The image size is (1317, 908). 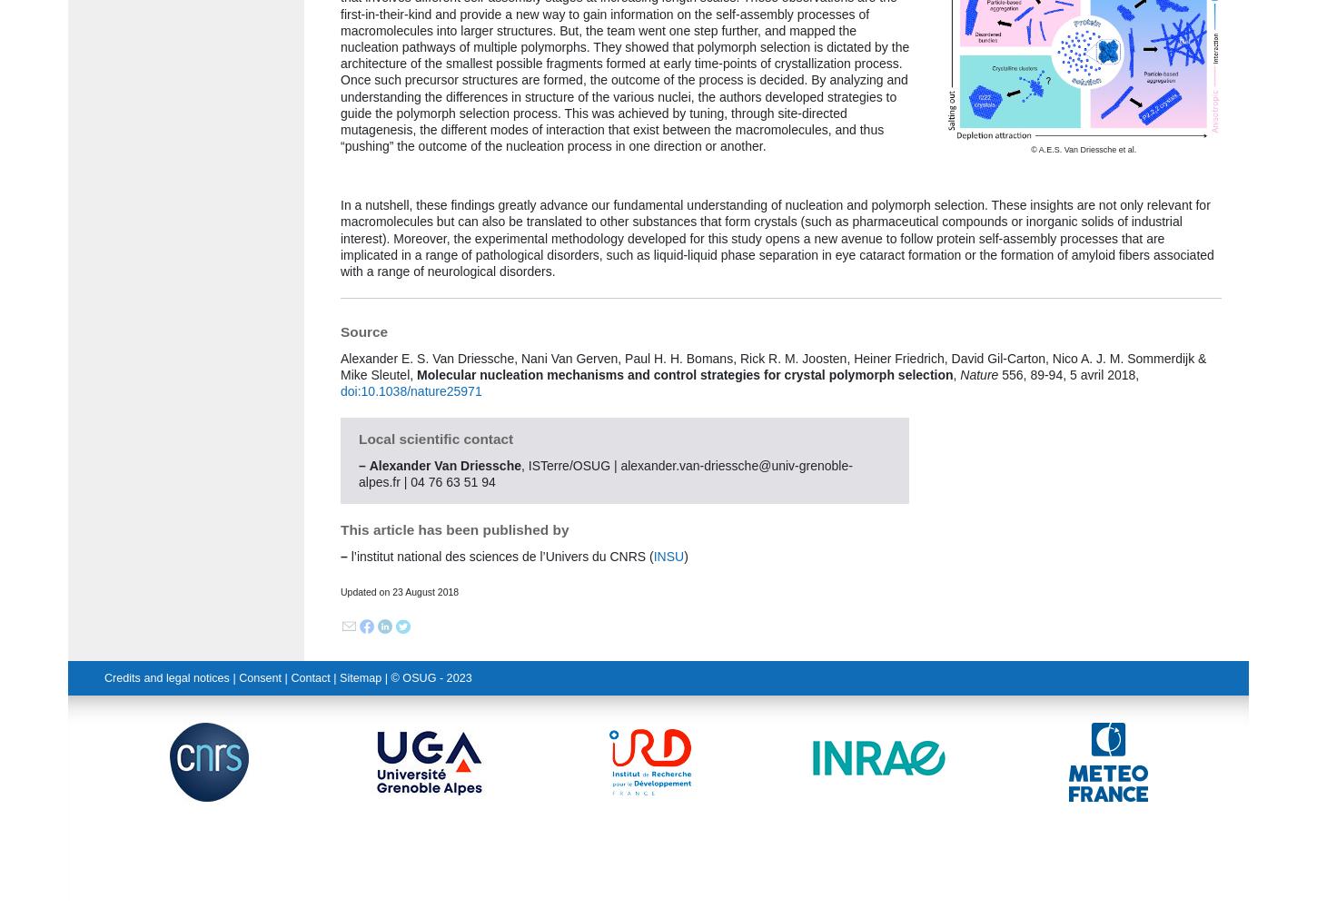 What do you see at coordinates (345, 555) in the screenshot?
I see `'l’institut national des sciences de l’Univers du CNRS ('` at bounding box center [345, 555].